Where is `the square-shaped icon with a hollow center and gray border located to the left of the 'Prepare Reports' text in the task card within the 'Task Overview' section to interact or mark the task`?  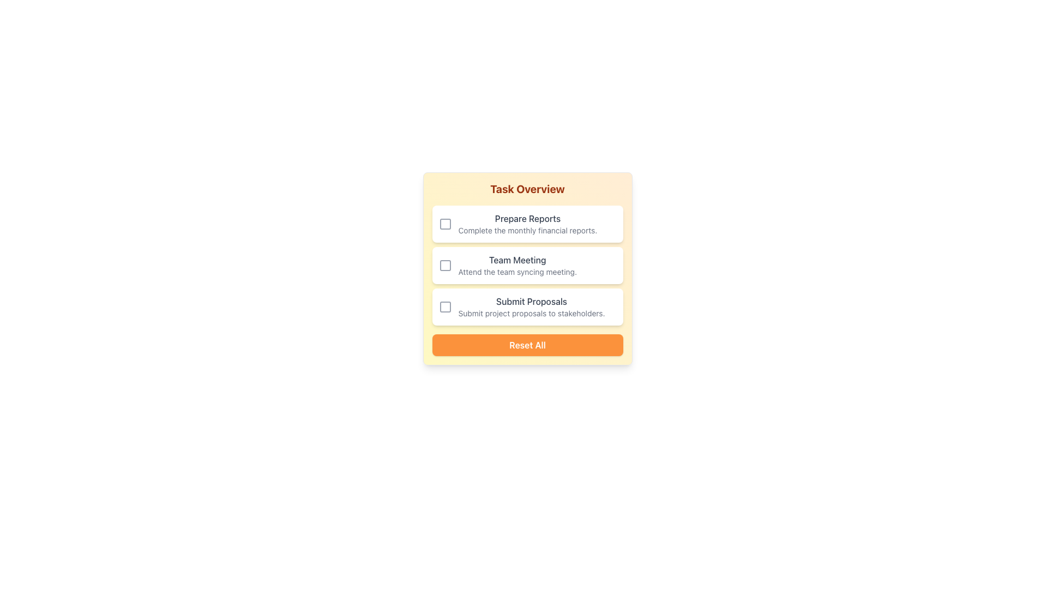 the square-shaped icon with a hollow center and gray border located to the left of the 'Prepare Reports' text in the task card within the 'Task Overview' section to interact or mark the task is located at coordinates (445, 224).